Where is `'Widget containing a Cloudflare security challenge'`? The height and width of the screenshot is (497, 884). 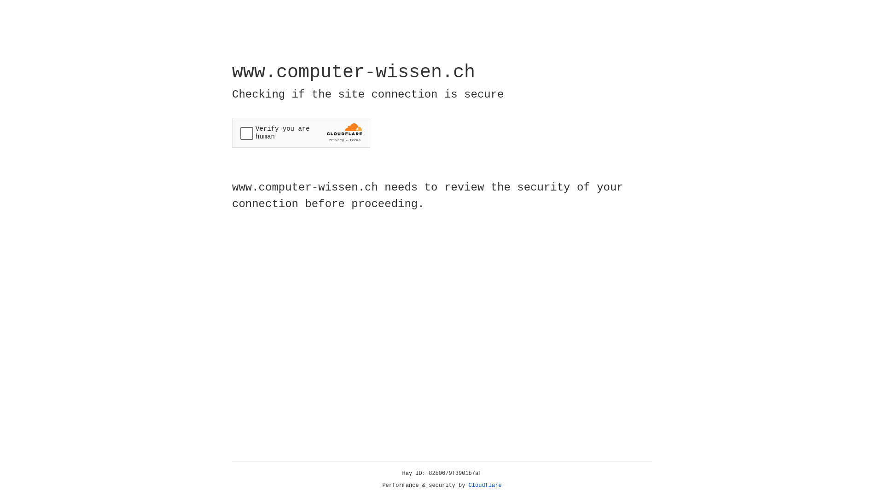 'Widget containing a Cloudflare security challenge' is located at coordinates (301, 133).